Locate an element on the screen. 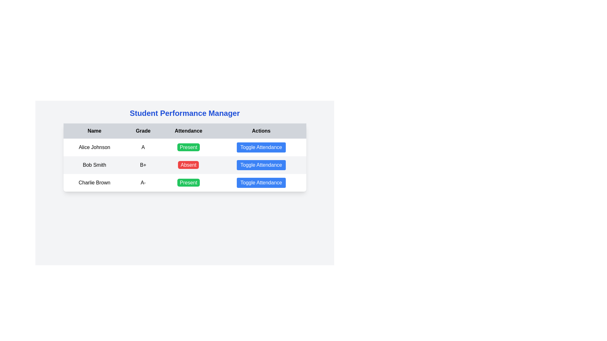 Image resolution: width=607 pixels, height=341 pixels. the bold, centered label with the text 'Actions', which is located in the top-right section of the table layout against a light gray background is located at coordinates (261, 131).